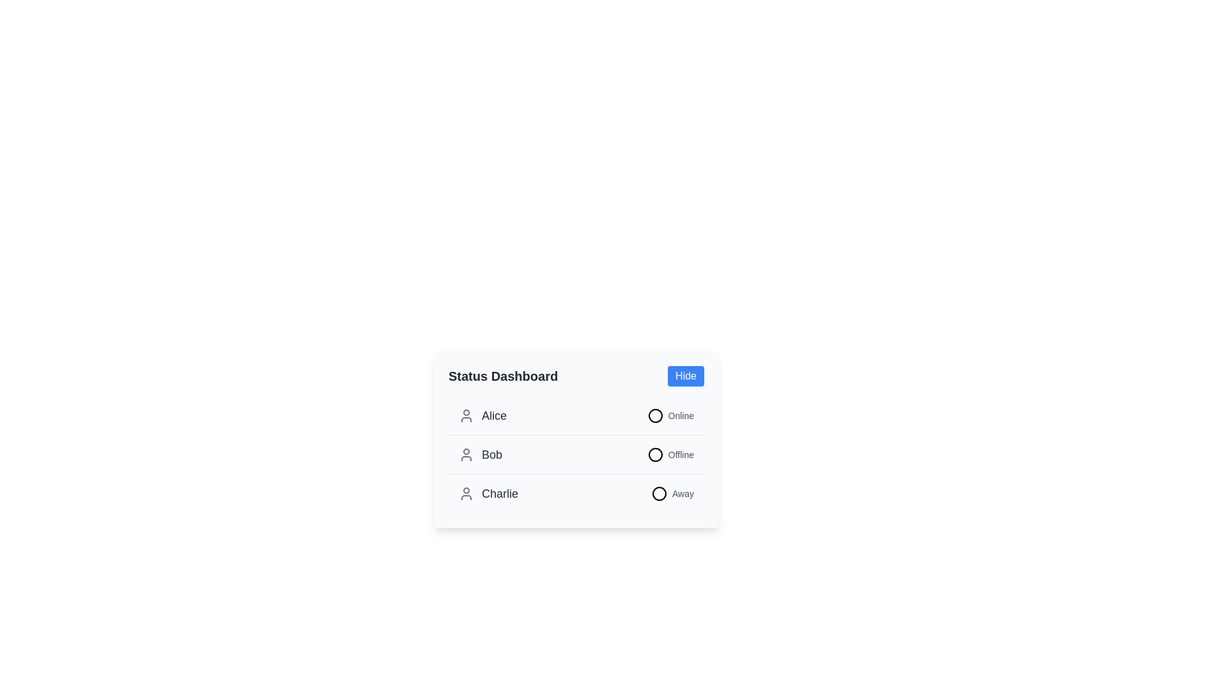  Describe the element at coordinates (670, 416) in the screenshot. I see `the status indication by clicking on the circular green status indicator next to the text 'Online' for the user 'Alice' in the 'Status Dashboard'` at that location.